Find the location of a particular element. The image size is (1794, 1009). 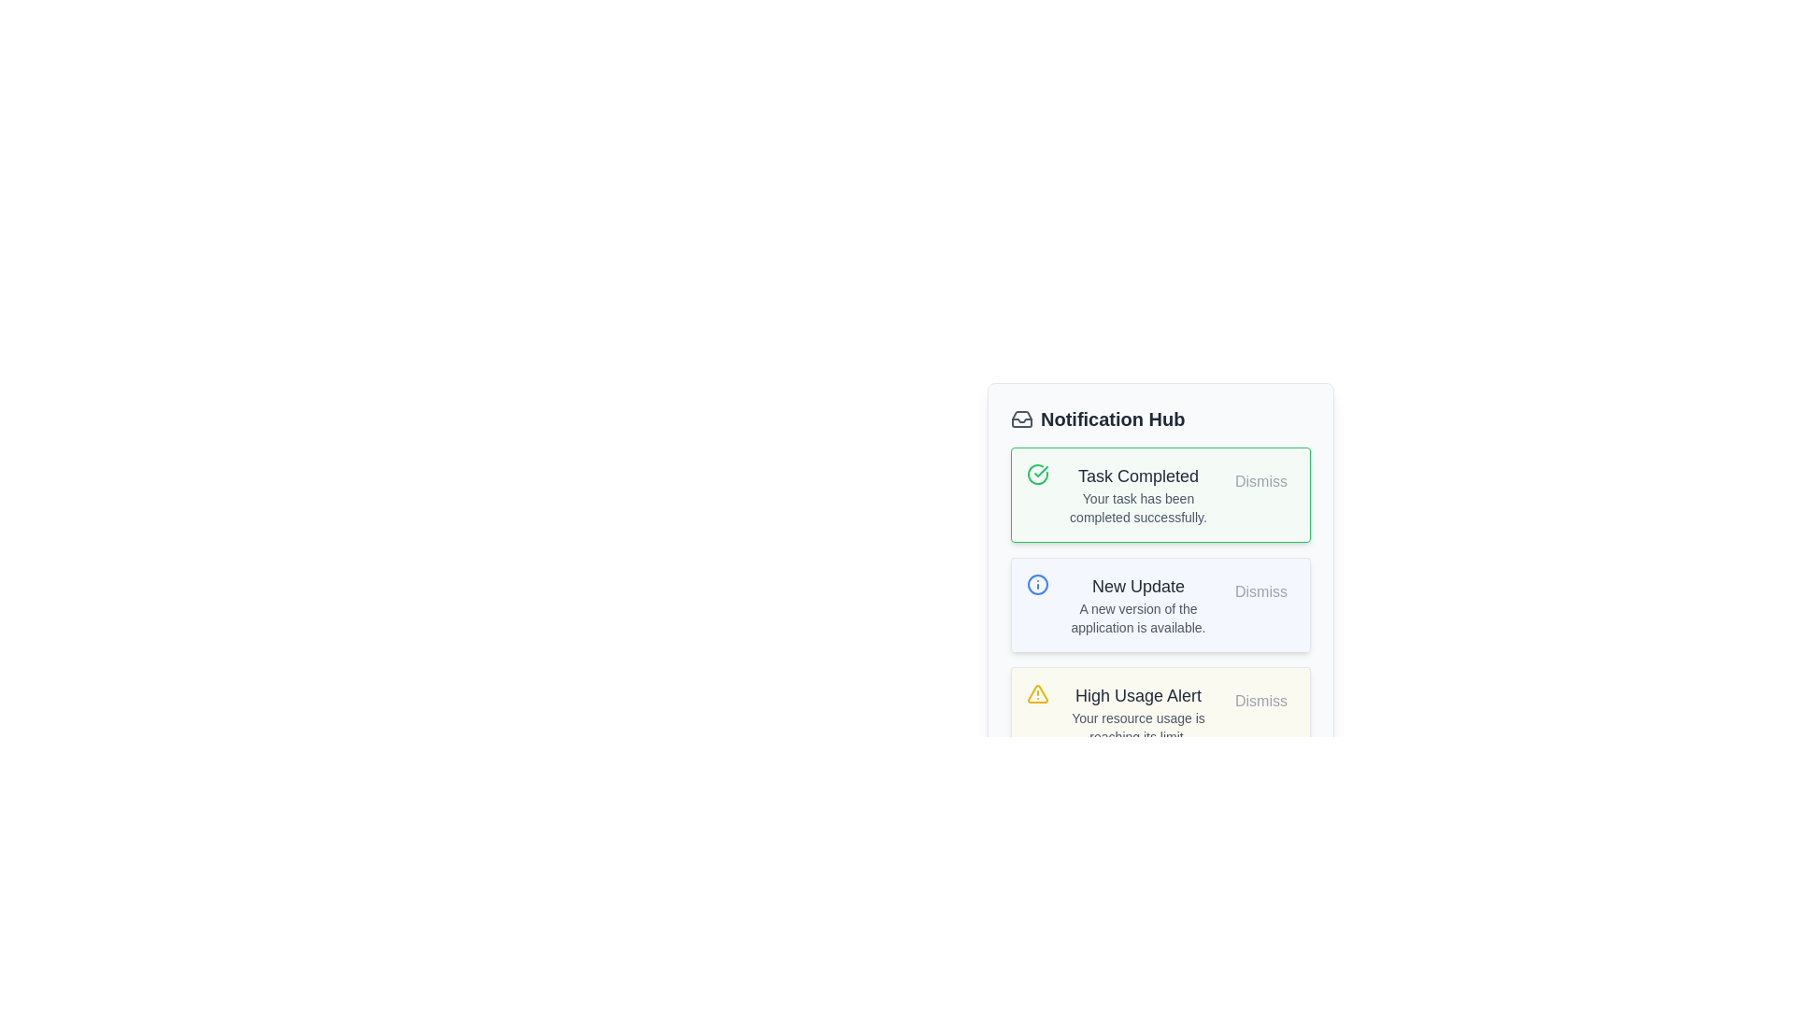

the heading Text label in the green-outlined notification card that summarizes the completion status of a task, located above the text 'Your task has been completed successfully.' is located at coordinates (1137, 475).